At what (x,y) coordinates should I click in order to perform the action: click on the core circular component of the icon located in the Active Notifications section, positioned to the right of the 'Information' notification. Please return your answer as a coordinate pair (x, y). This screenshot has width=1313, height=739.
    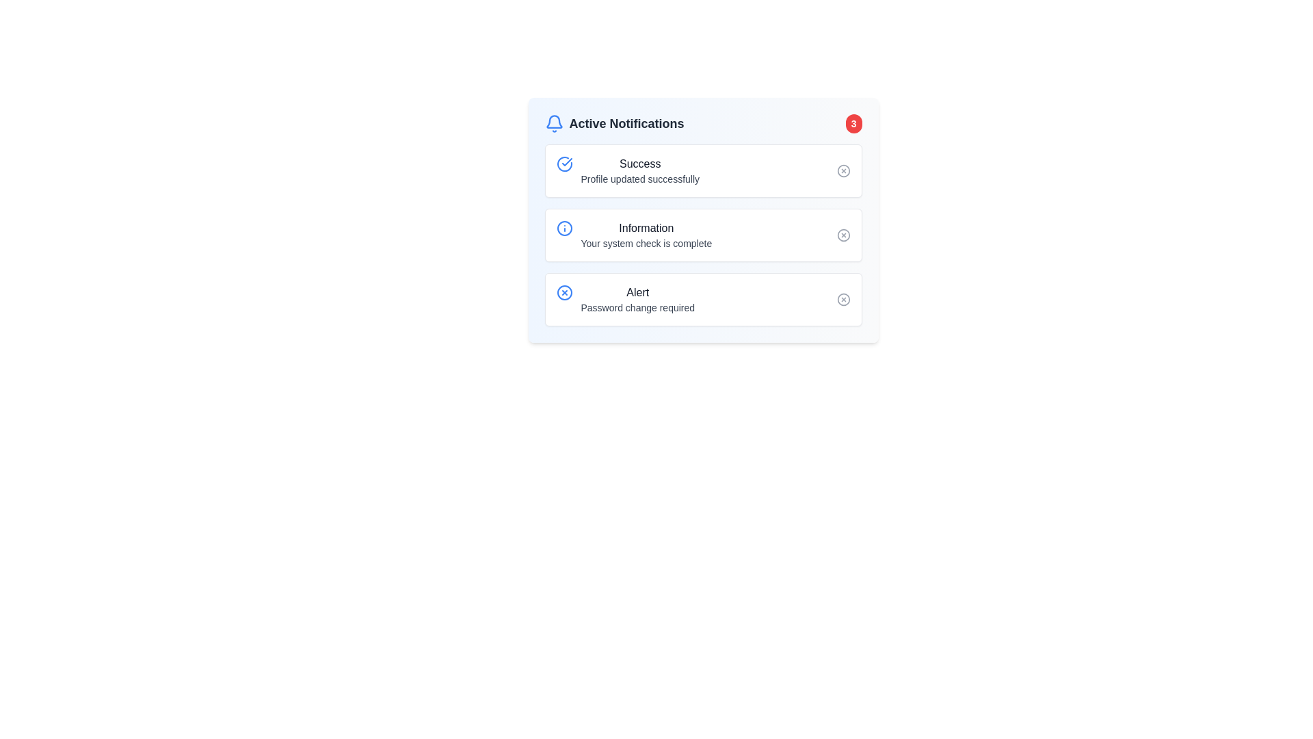
    Looking at the image, I should click on (843, 234).